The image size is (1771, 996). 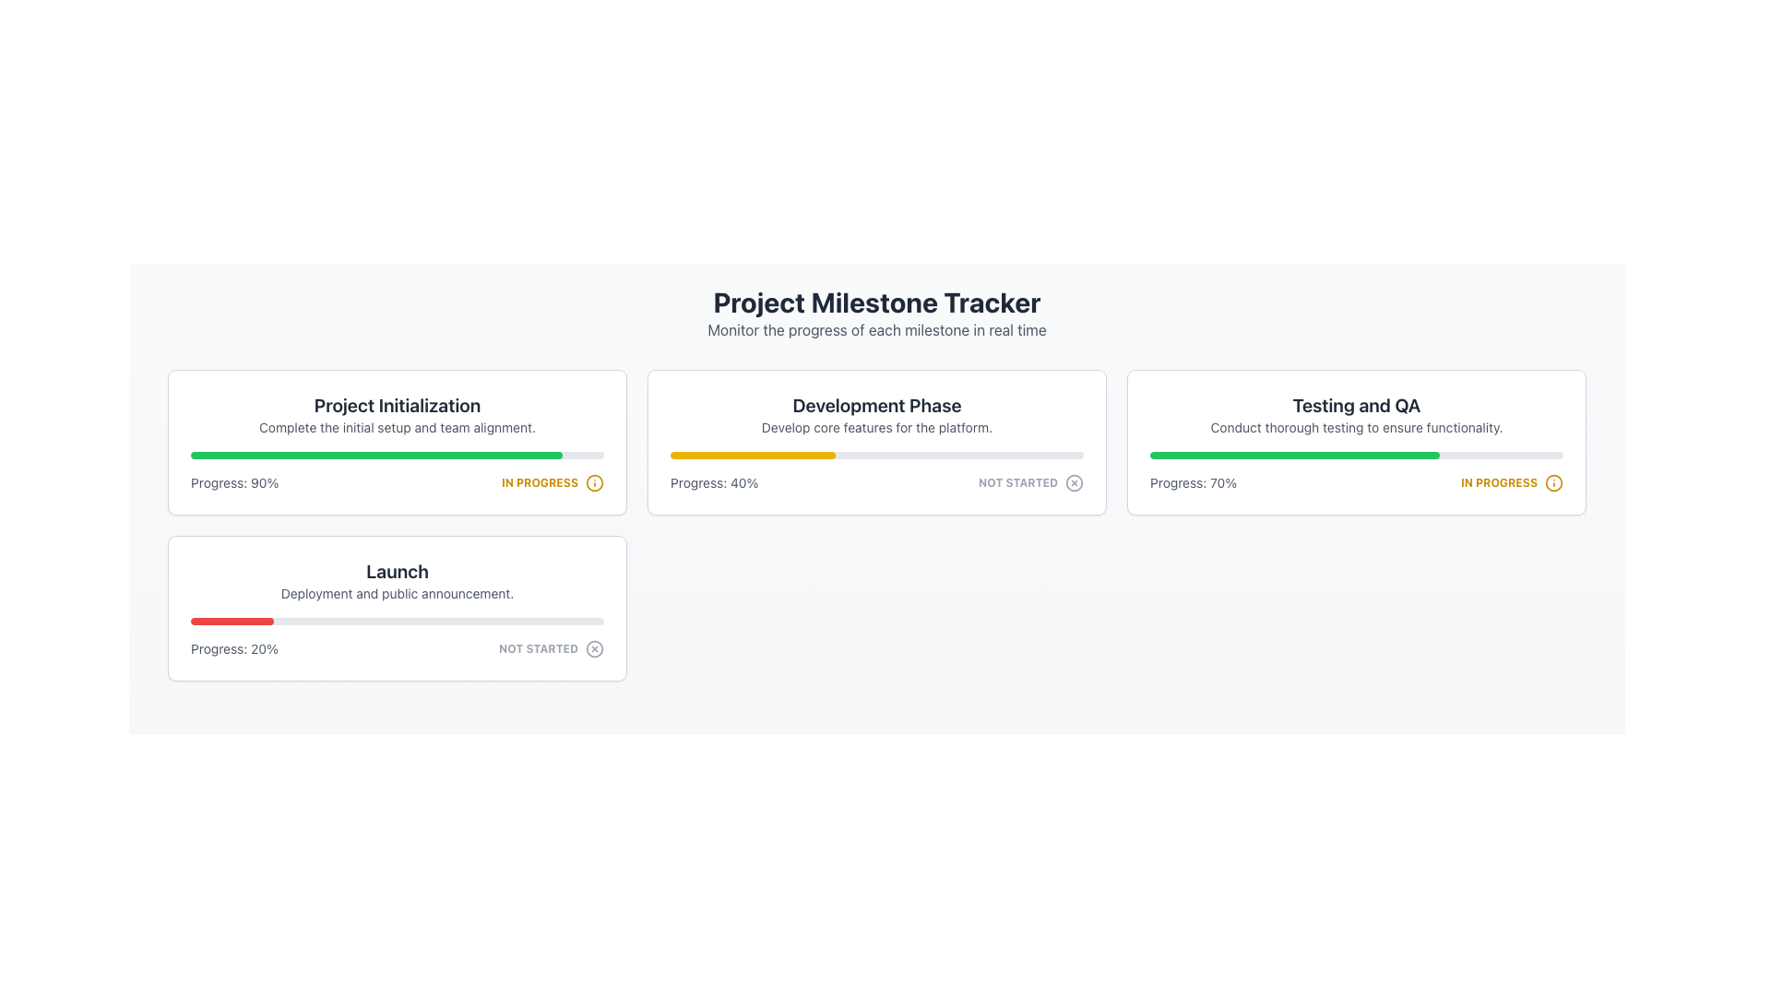 What do you see at coordinates (397, 622) in the screenshot?
I see `the Progress Bar located in the 'Launch' section of the dashboard, which visually represents the completion percentage of the associated task 'Launch.'` at bounding box center [397, 622].